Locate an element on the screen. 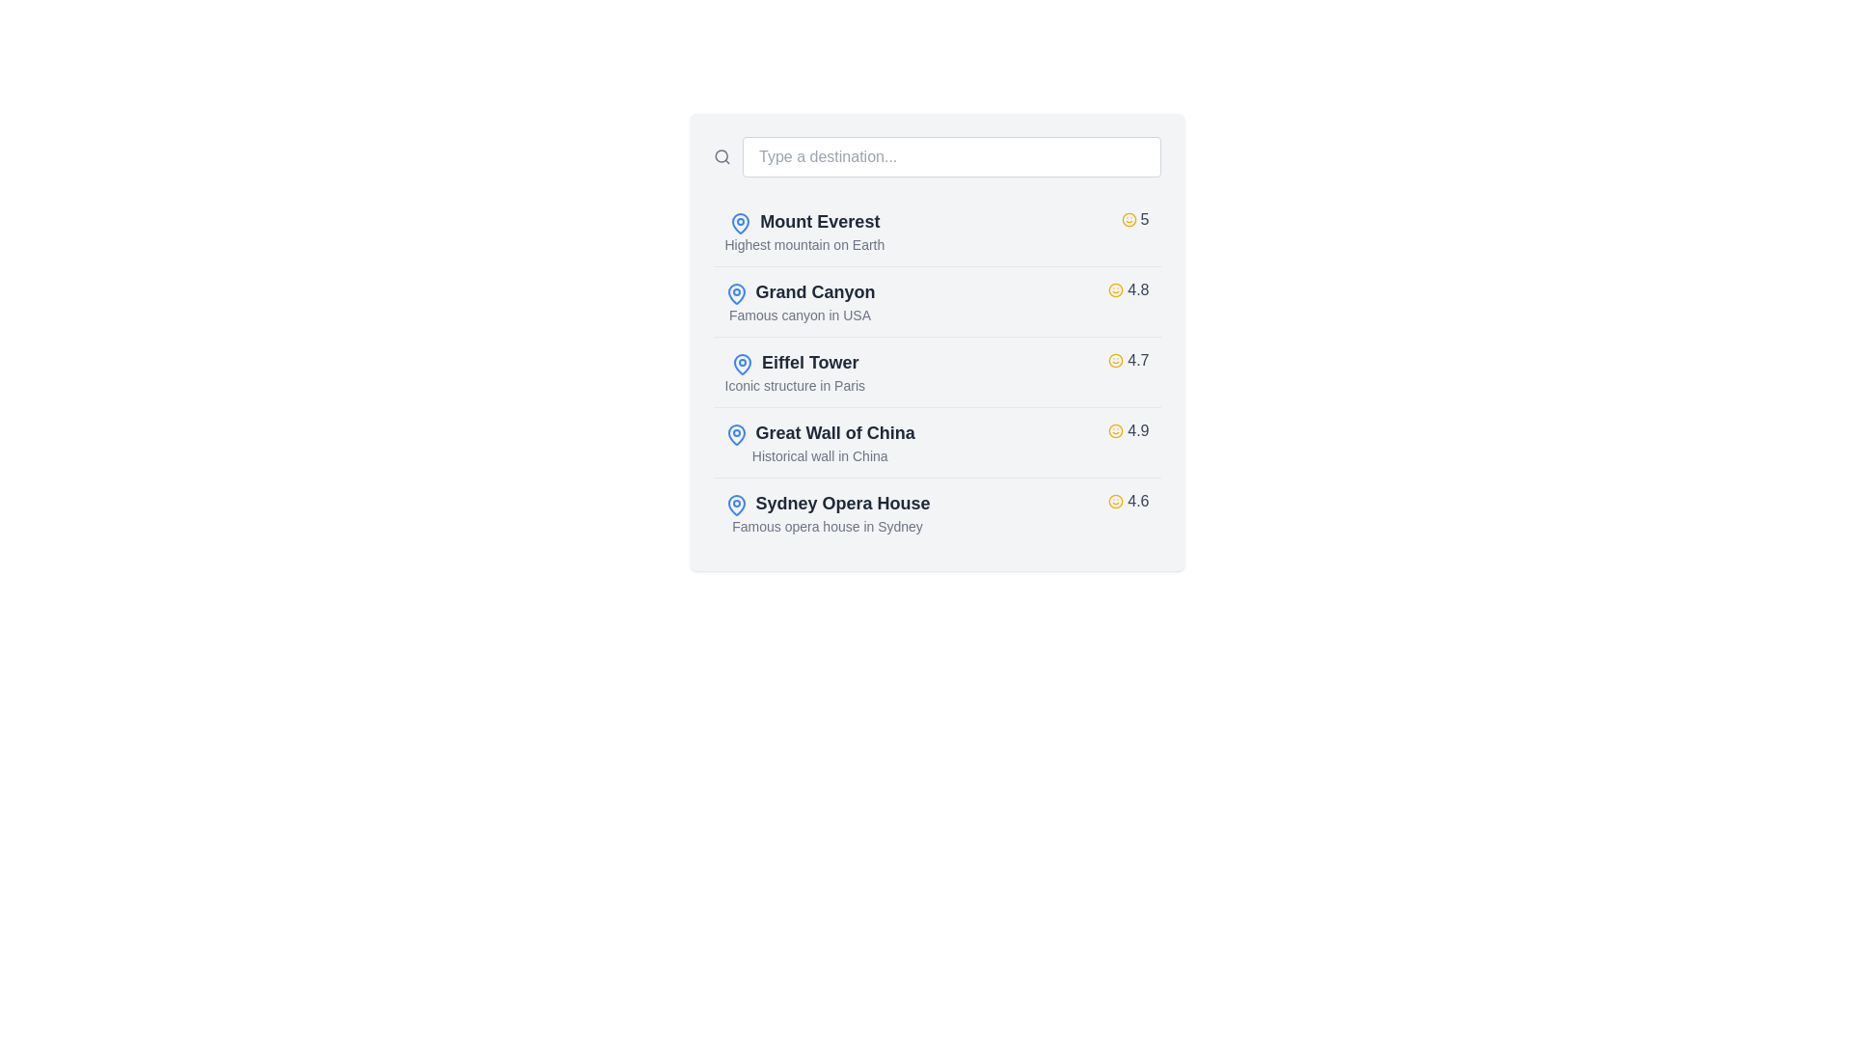  the list item displaying 'Grand Canyon' with a rating of 4.8 for more details is located at coordinates (937, 301).